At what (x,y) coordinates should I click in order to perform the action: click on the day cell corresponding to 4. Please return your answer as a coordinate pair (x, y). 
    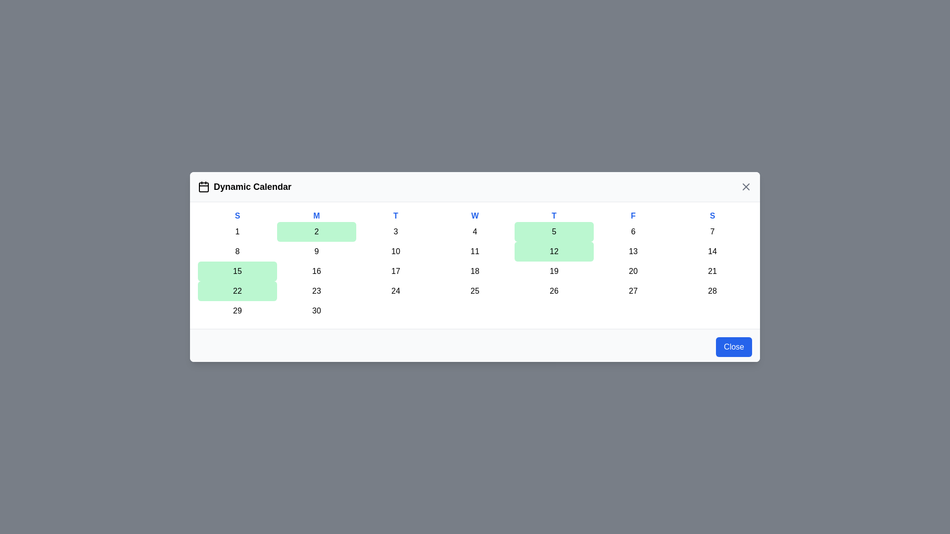
    Looking at the image, I should click on (475, 232).